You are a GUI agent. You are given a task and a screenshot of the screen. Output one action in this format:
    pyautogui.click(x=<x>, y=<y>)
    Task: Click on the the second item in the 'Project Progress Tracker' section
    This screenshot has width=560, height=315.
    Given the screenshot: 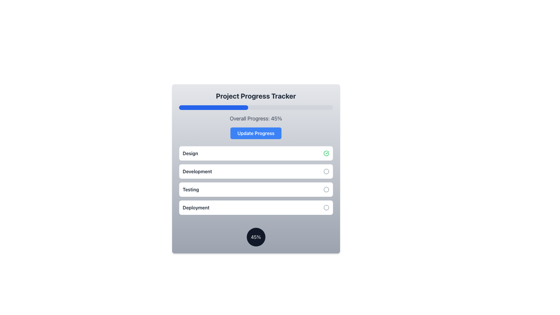 What is the action you would take?
    pyautogui.click(x=256, y=171)
    